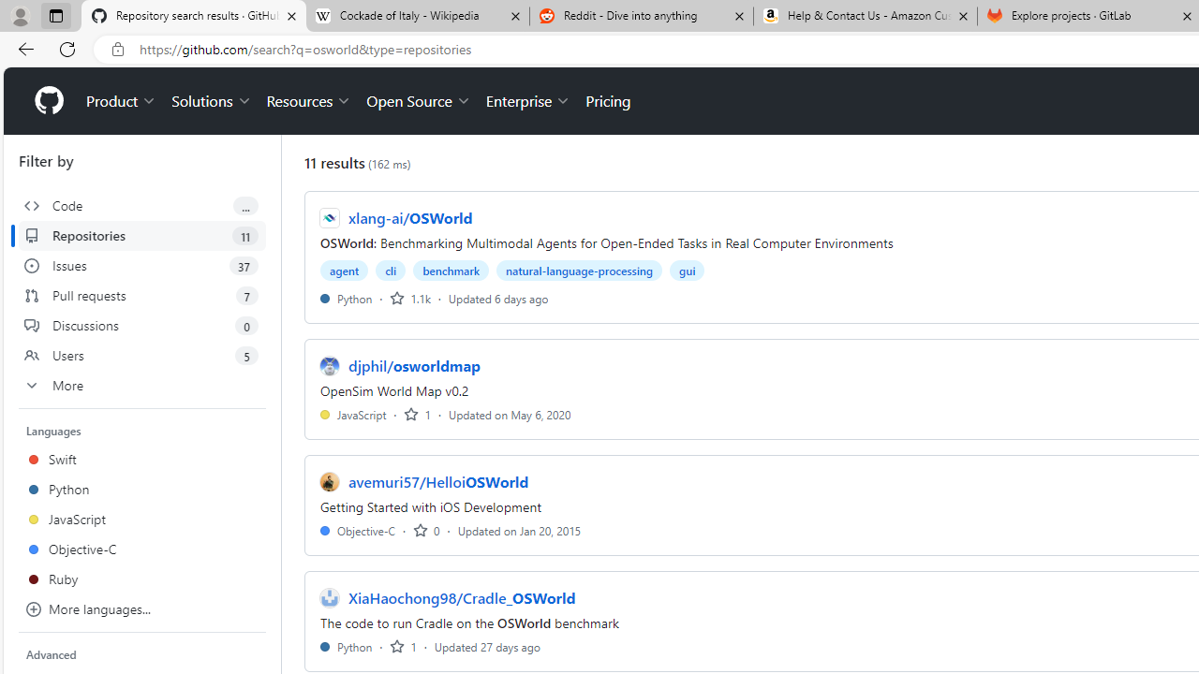 Image resolution: width=1199 pixels, height=674 pixels. I want to click on 'cli', so click(390, 271).